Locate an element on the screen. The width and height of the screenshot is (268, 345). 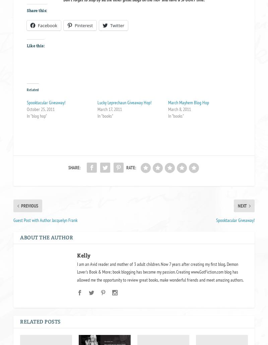
'Related Posts' is located at coordinates (40, 321).